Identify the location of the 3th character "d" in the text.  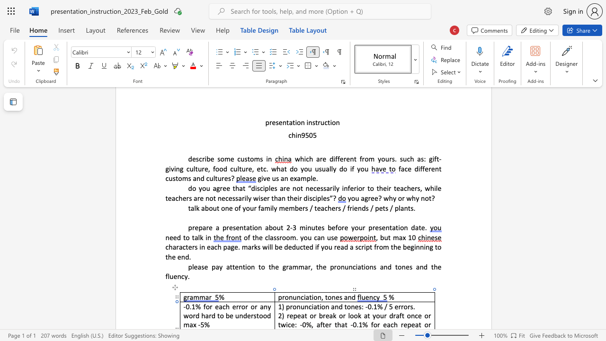
(245, 315).